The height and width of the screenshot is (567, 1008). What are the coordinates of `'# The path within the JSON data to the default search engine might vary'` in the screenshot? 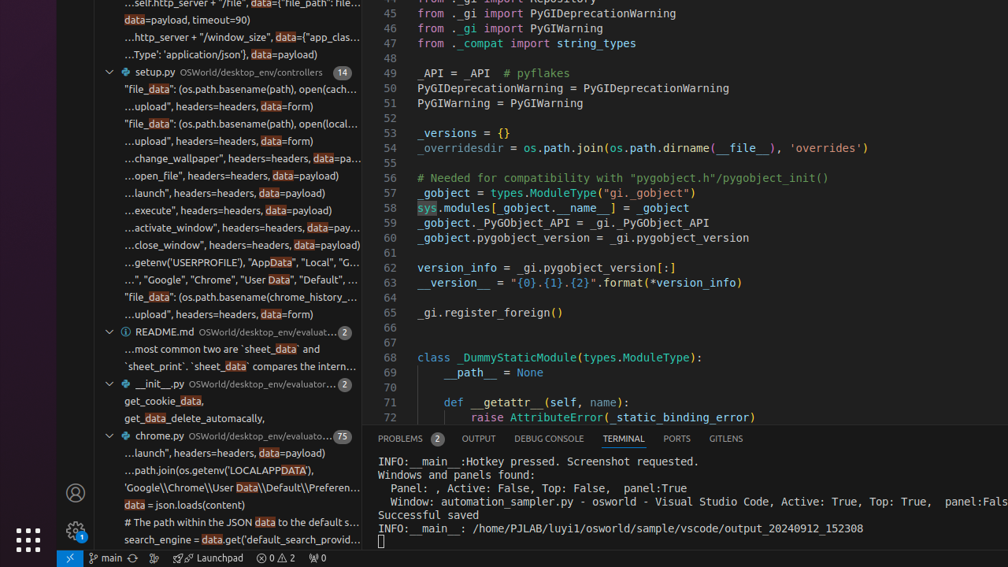 It's located at (242, 522).